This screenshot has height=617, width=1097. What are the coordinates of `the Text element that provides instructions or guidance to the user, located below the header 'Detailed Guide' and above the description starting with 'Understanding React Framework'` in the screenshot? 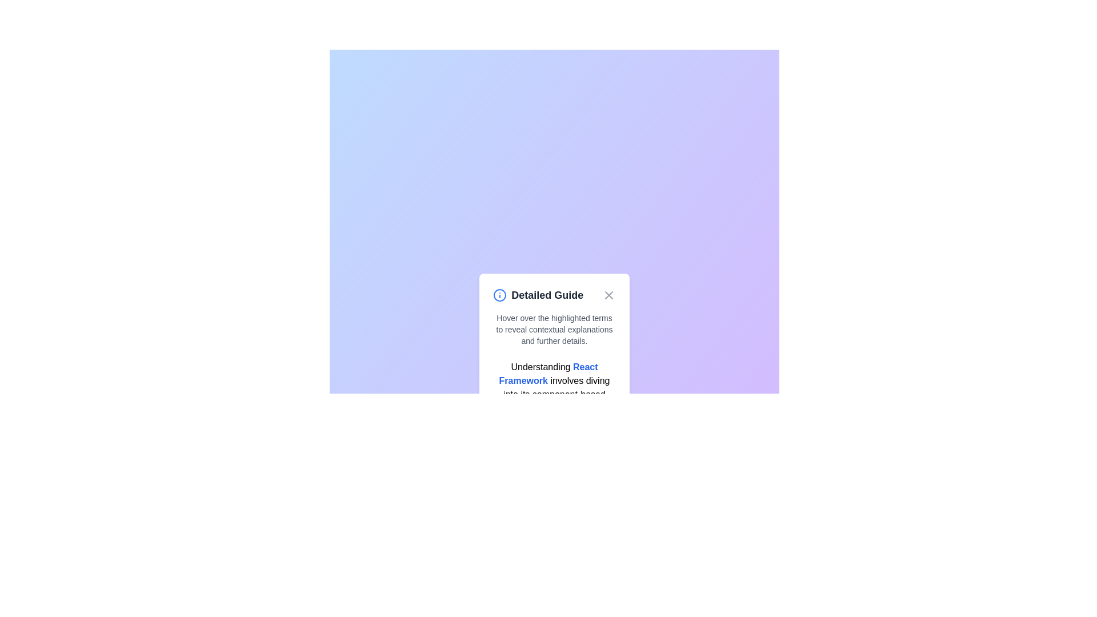 It's located at (554, 330).